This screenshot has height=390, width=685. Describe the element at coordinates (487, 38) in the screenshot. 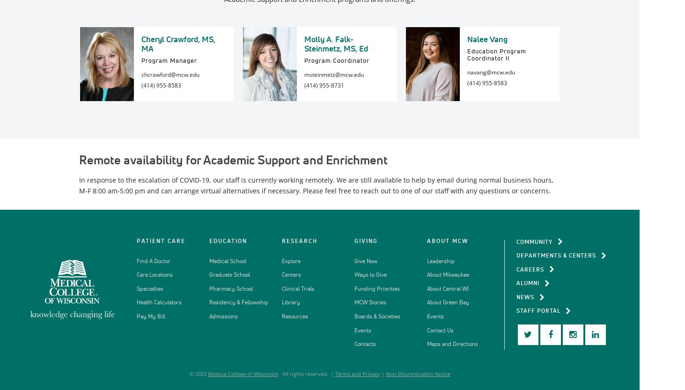

I see `'Nalee Vang'` at that location.